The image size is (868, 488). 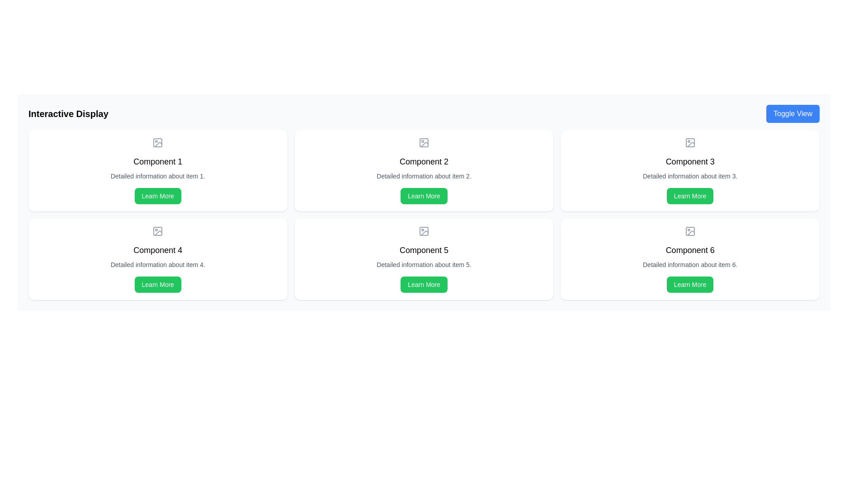 What do you see at coordinates (158, 231) in the screenshot?
I see `the SVG rectangle with rounded corners in the 'Component 4' section, which represents a missing or not loaded image` at bounding box center [158, 231].